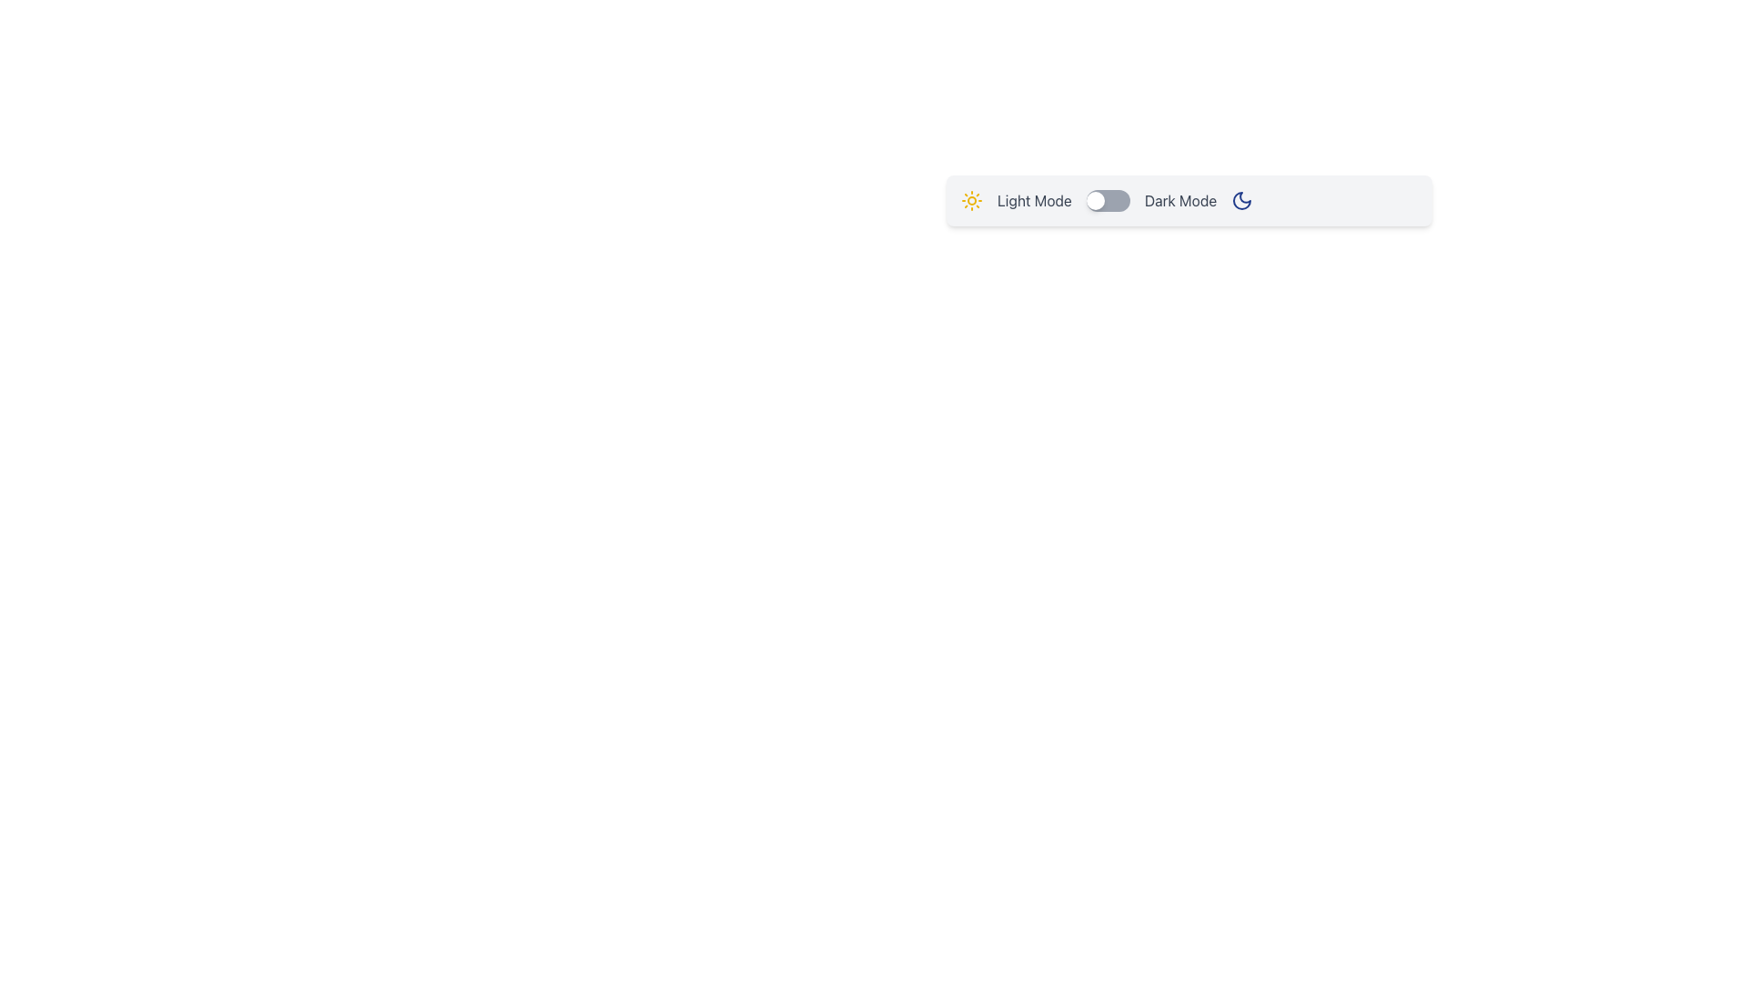 The image size is (1746, 982). I want to click on the circular sun icon, which is styled in bright yellow and is the first element in the horizontal layout containing the 'Light Mode' and 'Dark Mode' toggle switch, so click(971, 200).